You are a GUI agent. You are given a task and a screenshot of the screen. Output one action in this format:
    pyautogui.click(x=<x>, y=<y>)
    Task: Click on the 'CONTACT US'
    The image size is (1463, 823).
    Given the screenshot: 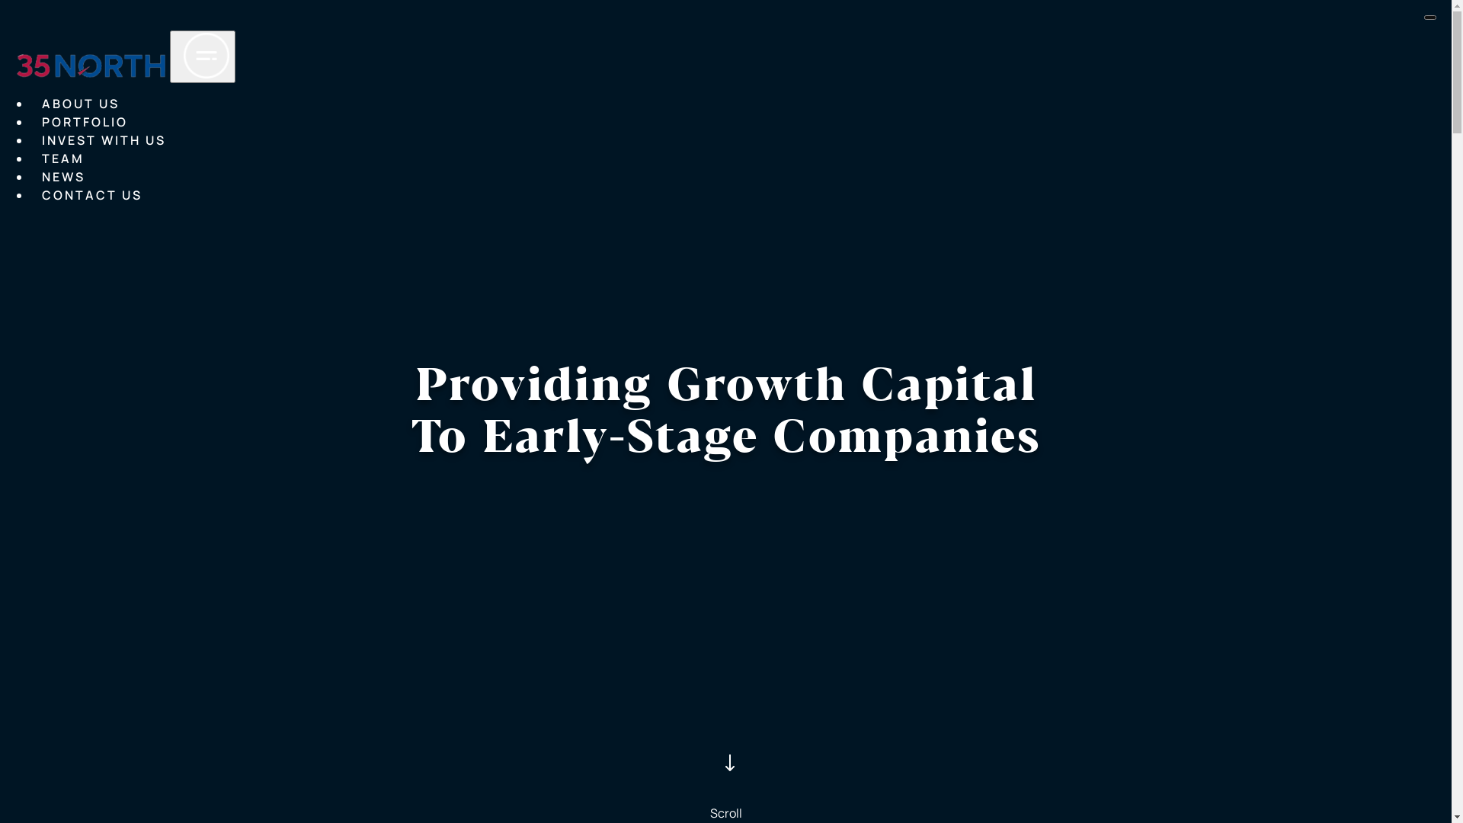 What is the action you would take?
    pyautogui.click(x=41, y=195)
    